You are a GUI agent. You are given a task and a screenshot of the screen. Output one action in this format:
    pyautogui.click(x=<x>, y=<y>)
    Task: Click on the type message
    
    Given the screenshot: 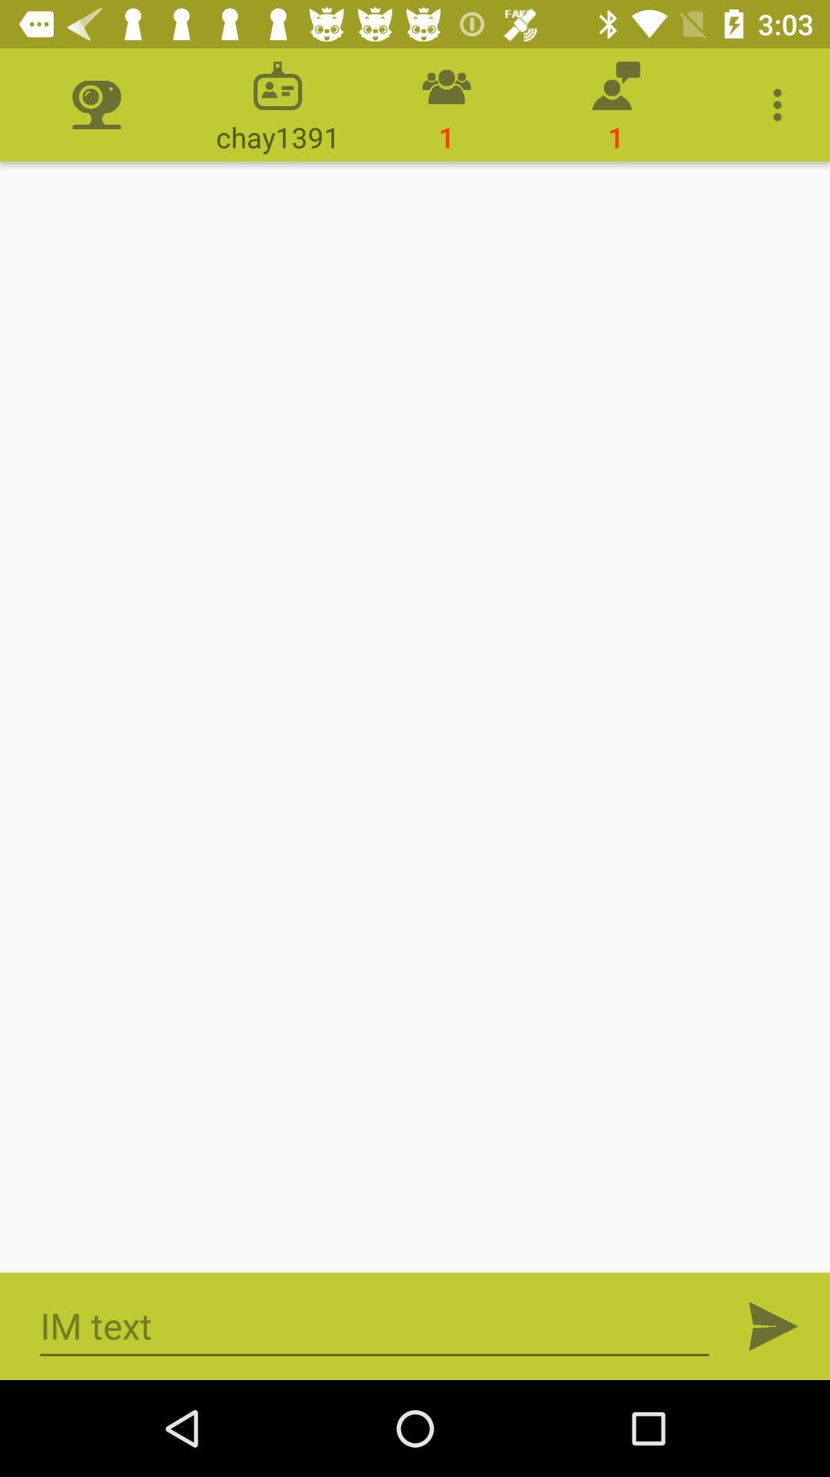 What is the action you would take?
    pyautogui.click(x=374, y=1325)
    